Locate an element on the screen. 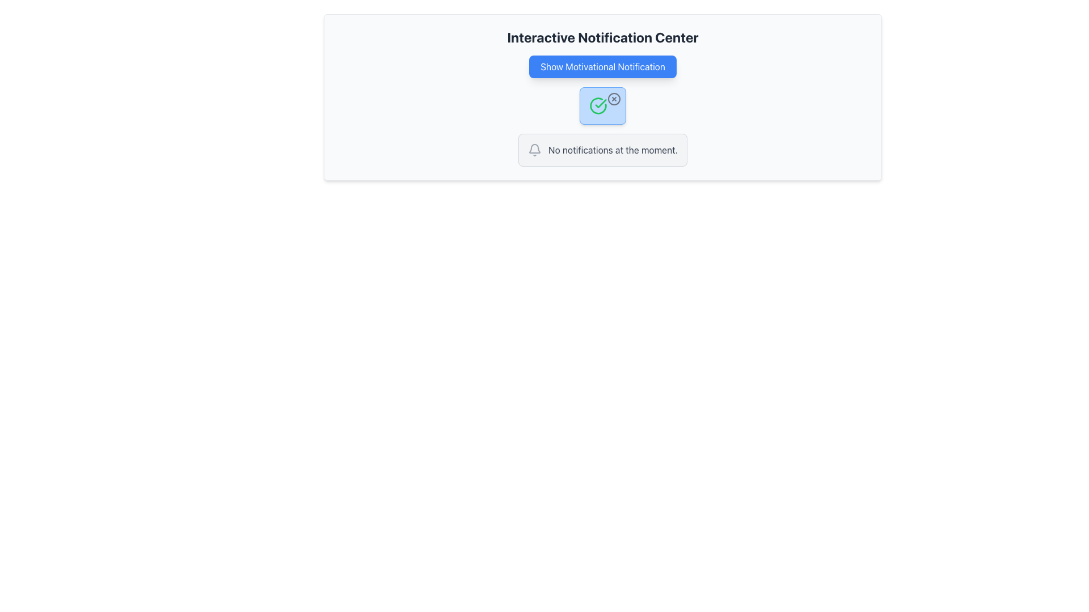 The height and width of the screenshot is (612, 1089). the static informational notification box that displays 'No notifications at the moment.' with a light gray background and a thin border, positioned centrally below the header 'Interactive Notification Center' is located at coordinates (602, 150).